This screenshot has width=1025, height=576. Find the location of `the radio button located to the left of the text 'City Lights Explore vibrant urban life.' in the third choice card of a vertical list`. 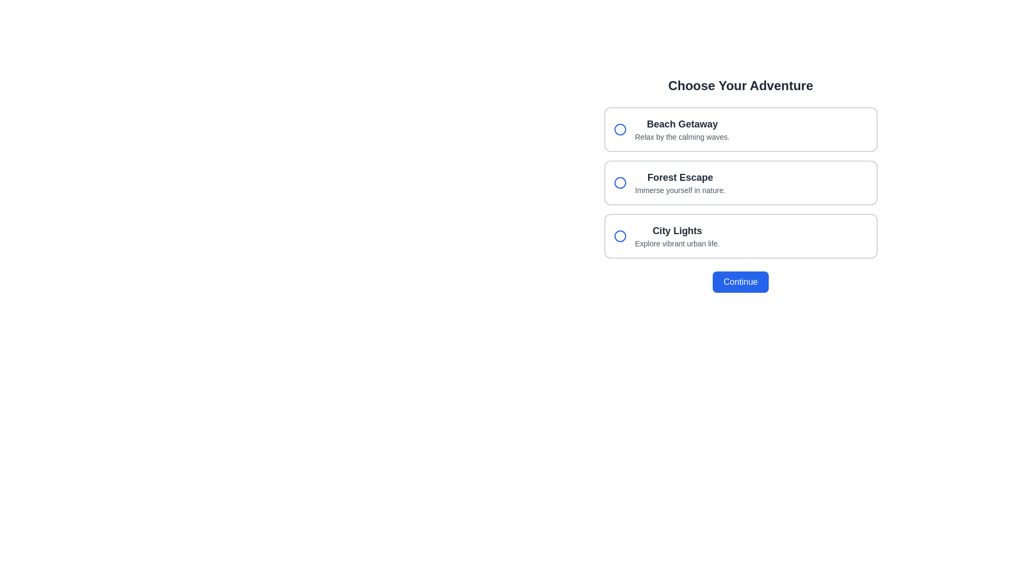

the radio button located to the left of the text 'City Lights Explore vibrant urban life.' in the third choice card of a vertical list is located at coordinates (620, 236).